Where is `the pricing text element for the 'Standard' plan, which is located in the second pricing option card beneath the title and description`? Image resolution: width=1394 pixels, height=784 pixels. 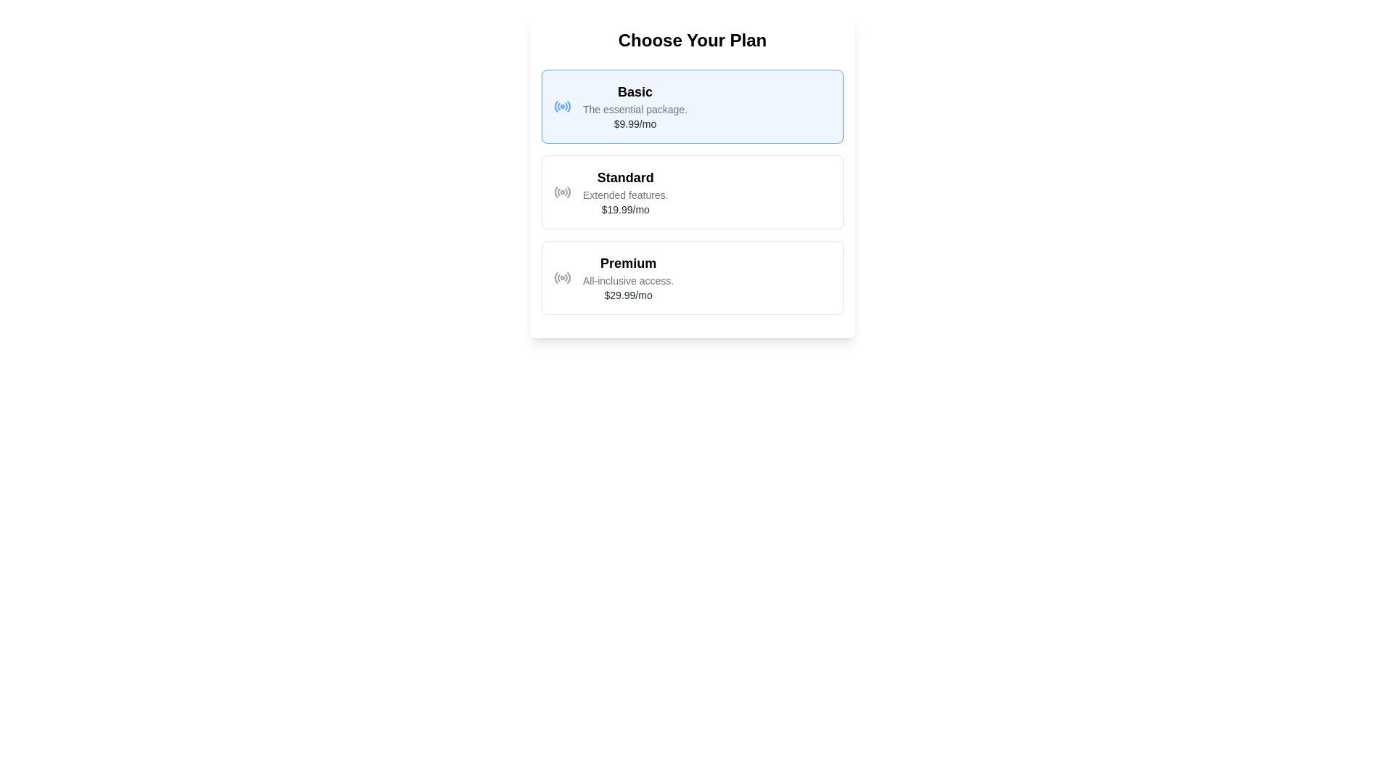 the pricing text element for the 'Standard' plan, which is located in the second pricing option card beneath the title and description is located at coordinates (625, 210).